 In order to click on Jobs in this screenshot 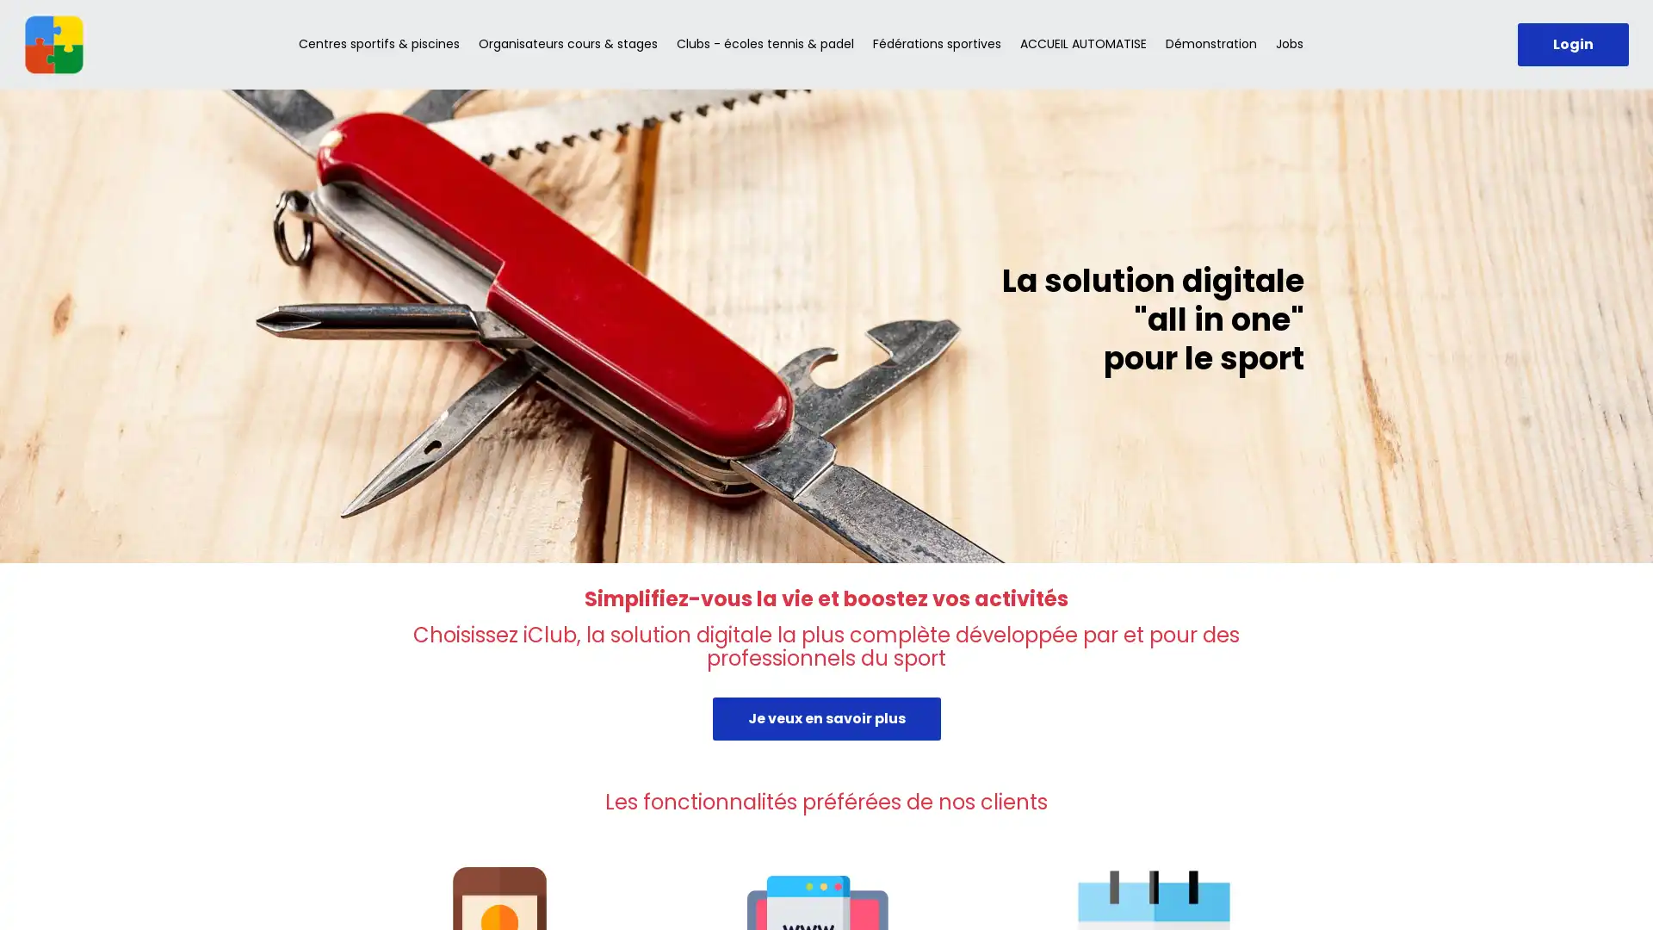, I will do `click(1289, 43)`.